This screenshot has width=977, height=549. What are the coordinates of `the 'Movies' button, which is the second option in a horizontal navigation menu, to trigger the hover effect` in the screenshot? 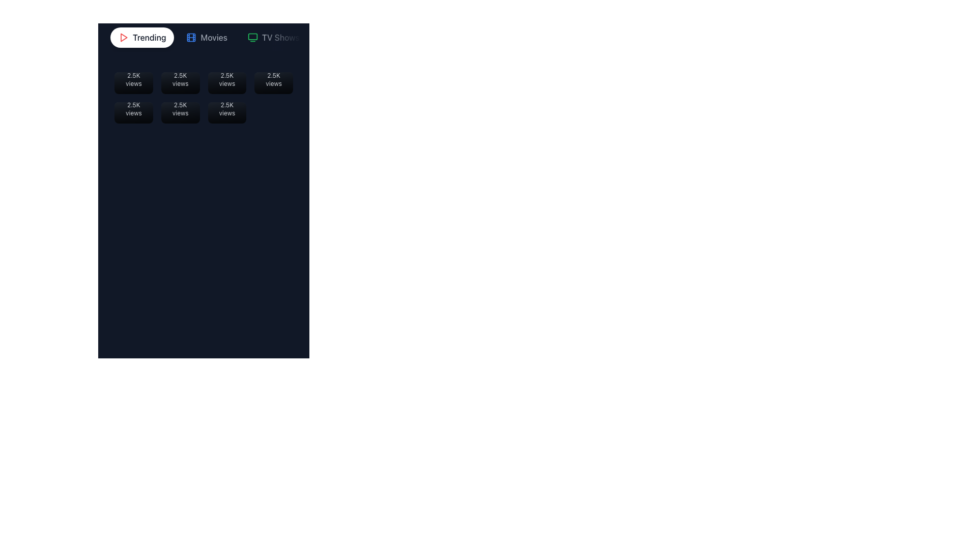 It's located at (206, 37).